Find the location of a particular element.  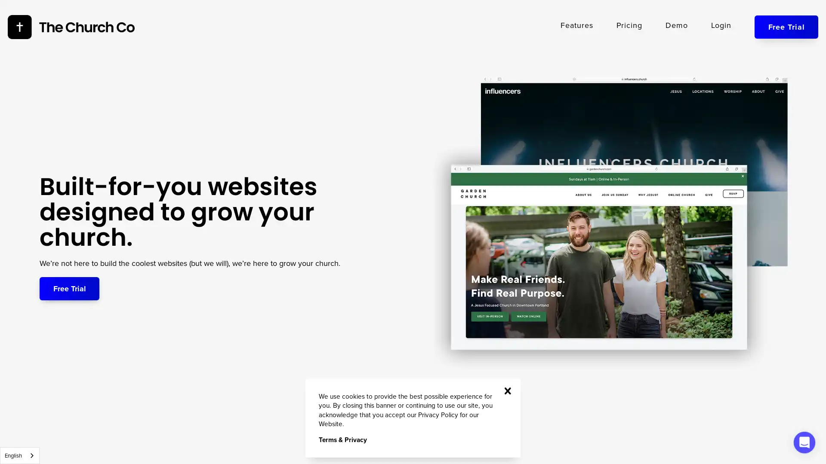

Open Intercom Messenger is located at coordinates (804, 442).